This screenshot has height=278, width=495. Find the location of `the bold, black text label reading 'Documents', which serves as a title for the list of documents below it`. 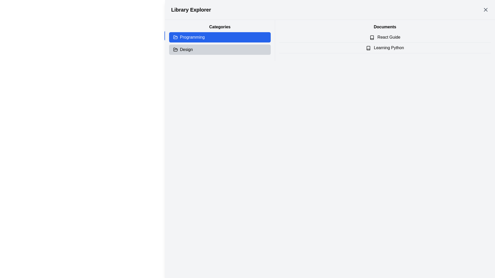

the bold, black text label reading 'Documents', which serves as a title for the list of documents below it is located at coordinates (385, 27).